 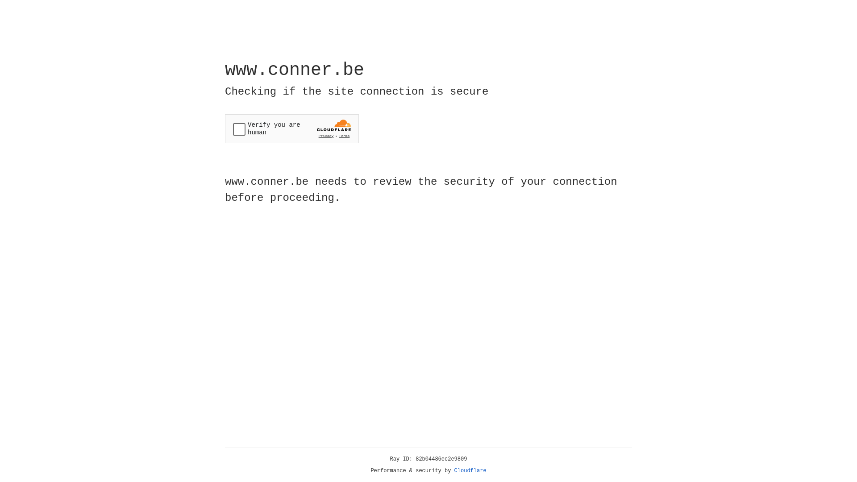 I want to click on 'Cloudflare', so click(x=470, y=470).